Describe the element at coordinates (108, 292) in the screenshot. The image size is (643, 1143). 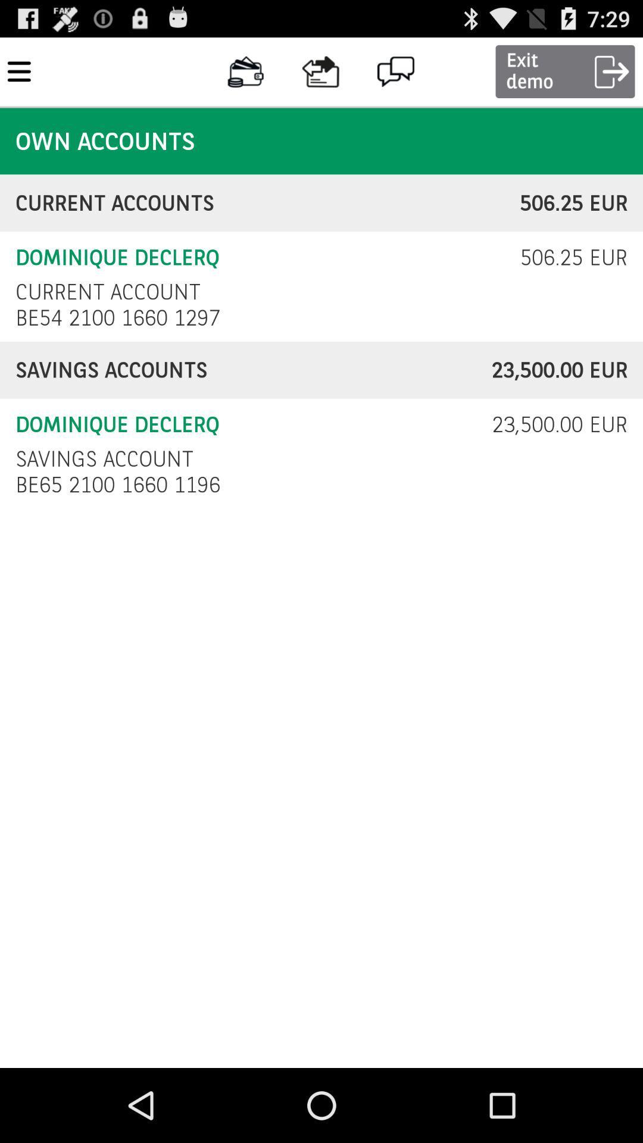
I see `the item above the be54 2100 1660 icon` at that location.